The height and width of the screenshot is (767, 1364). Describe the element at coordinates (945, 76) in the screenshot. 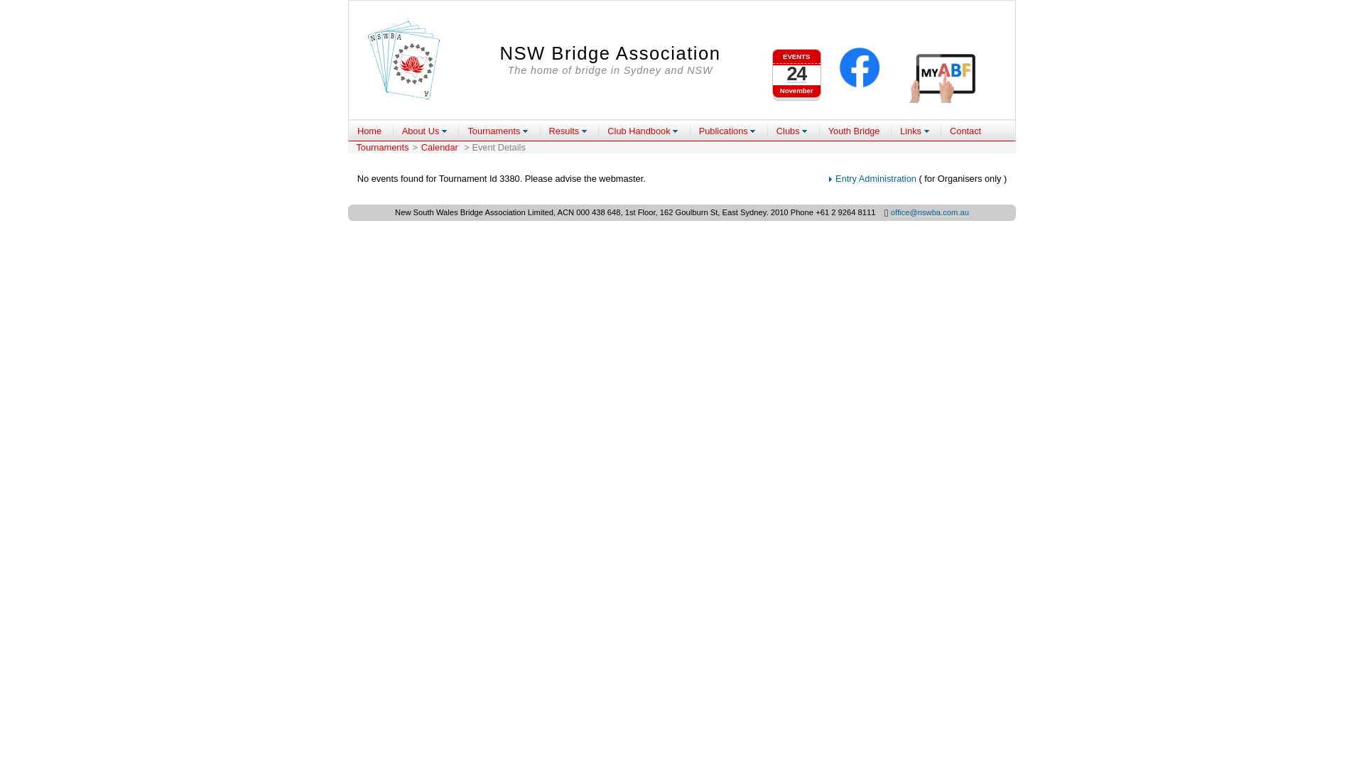

I see `'Log into My ABF'` at that location.